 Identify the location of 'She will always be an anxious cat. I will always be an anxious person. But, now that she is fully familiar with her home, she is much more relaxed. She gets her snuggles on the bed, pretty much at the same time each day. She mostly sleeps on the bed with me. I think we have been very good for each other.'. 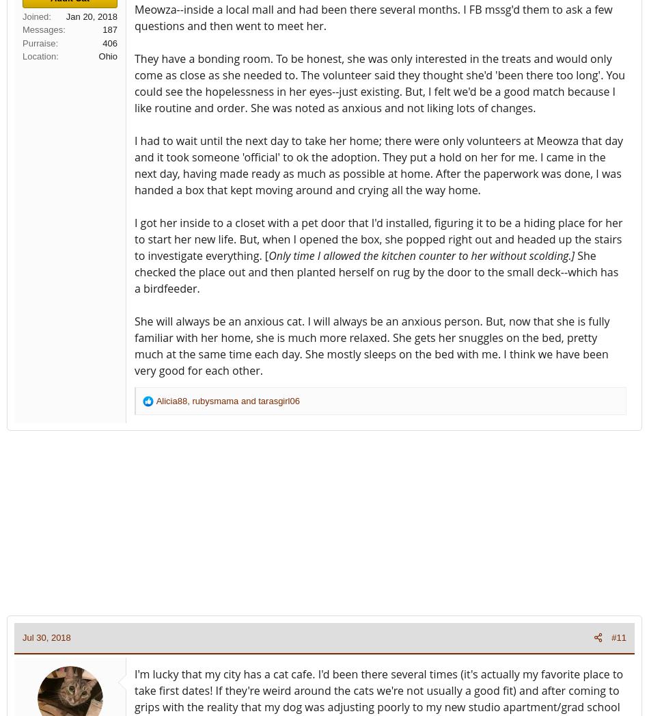
(372, 344).